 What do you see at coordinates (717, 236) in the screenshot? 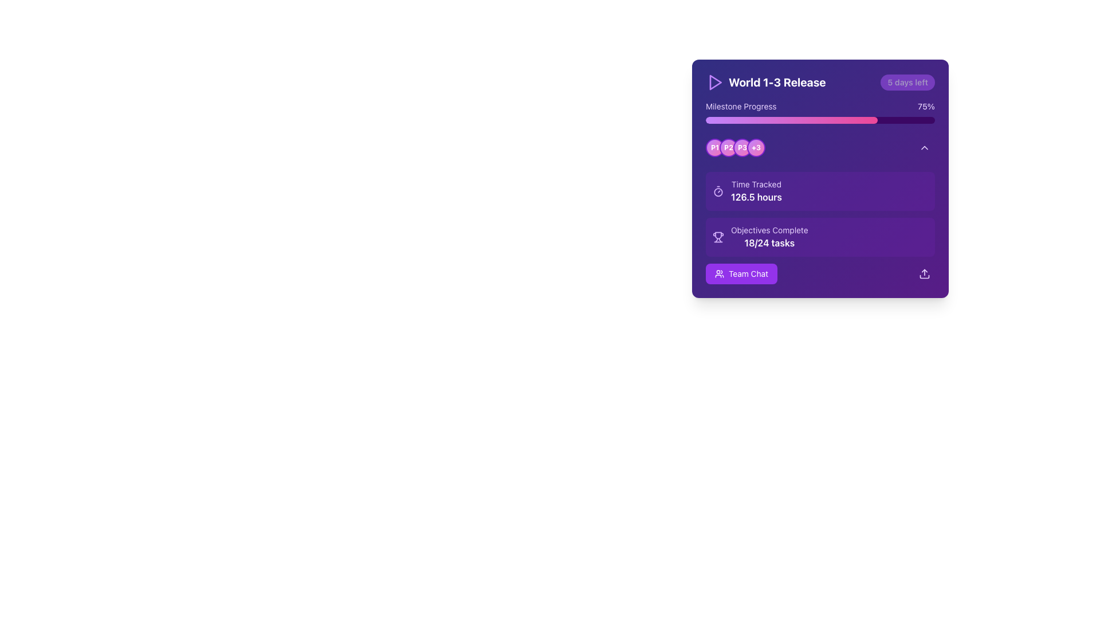
I see `the purple trophy icon located at the top-left of the 'Objectives Complete' section within the task card` at bounding box center [717, 236].